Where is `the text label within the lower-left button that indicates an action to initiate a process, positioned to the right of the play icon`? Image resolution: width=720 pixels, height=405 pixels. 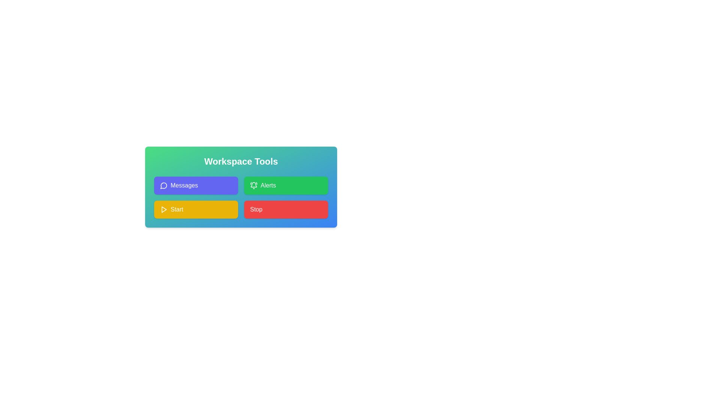
the text label within the lower-left button that indicates an action to initiate a process, positioned to the right of the play icon is located at coordinates (176, 210).